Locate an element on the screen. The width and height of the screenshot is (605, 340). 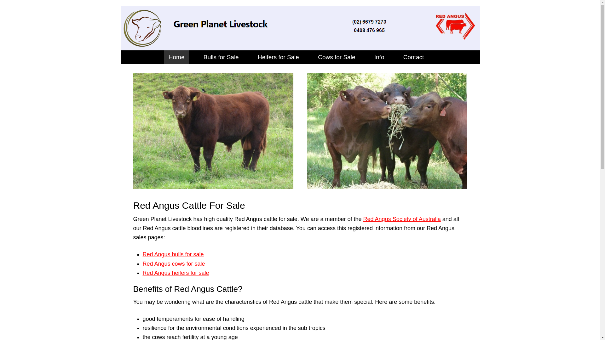
'Red Angus bulls for sale' is located at coordinates (142, 254).